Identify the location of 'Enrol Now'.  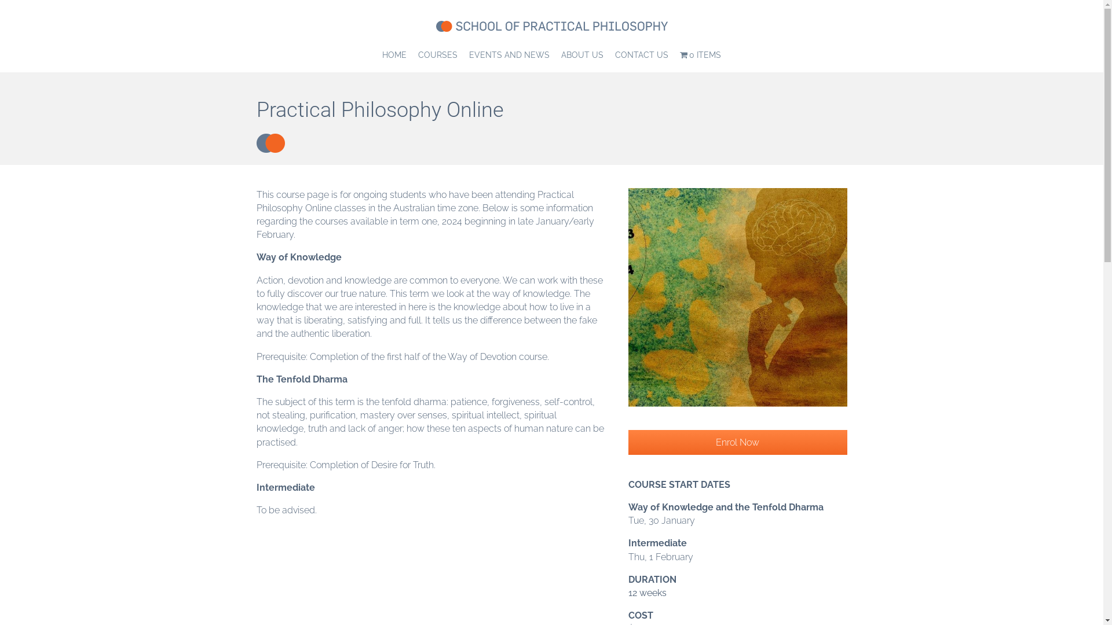
(737, 442).